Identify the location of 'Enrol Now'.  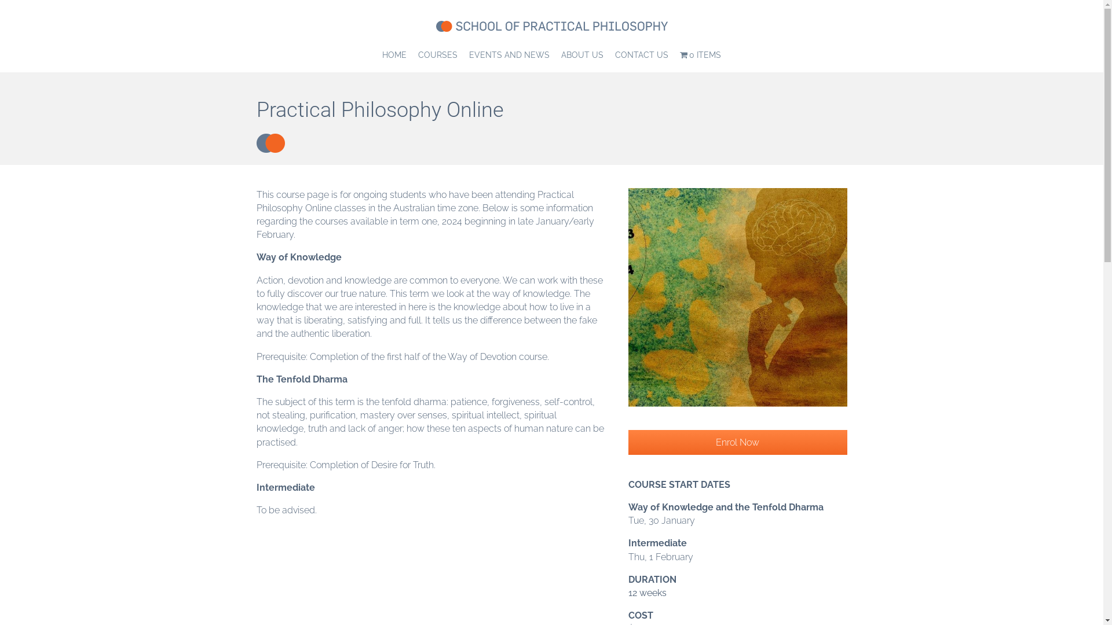
(737, 442).